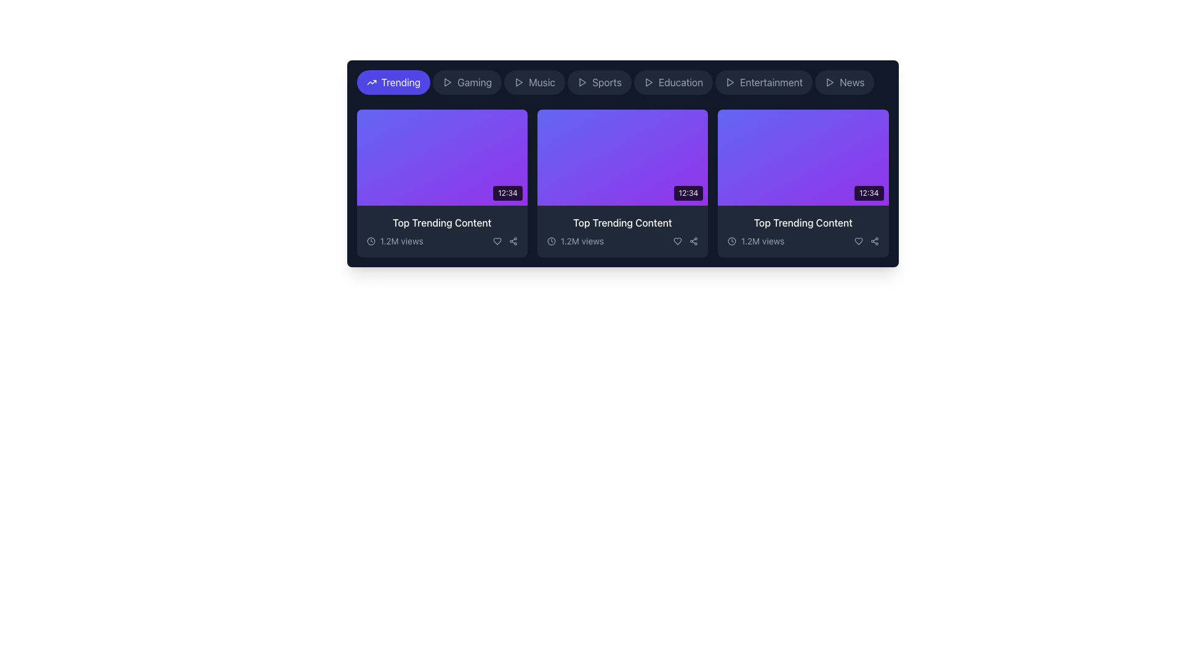 This screenshot has width=1182, height=665. Describe the element at coordinates (519, 83) in the screenshot. I see `the triangular play button icon located to the left of the 'Music' label in the horizontal navigation bar` at that location.